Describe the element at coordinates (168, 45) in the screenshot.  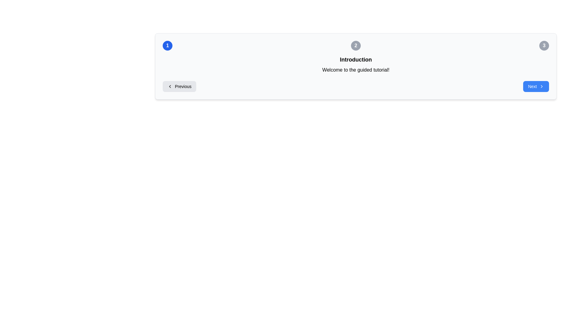
I see `the leftmost circular button that serves as a step indicator or navigation button` at that location.